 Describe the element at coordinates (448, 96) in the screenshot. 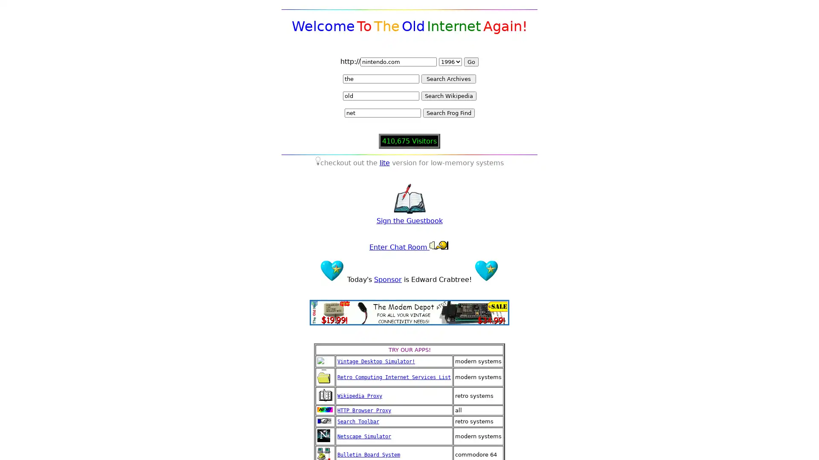

I see `Search Wikipedia` at that location.